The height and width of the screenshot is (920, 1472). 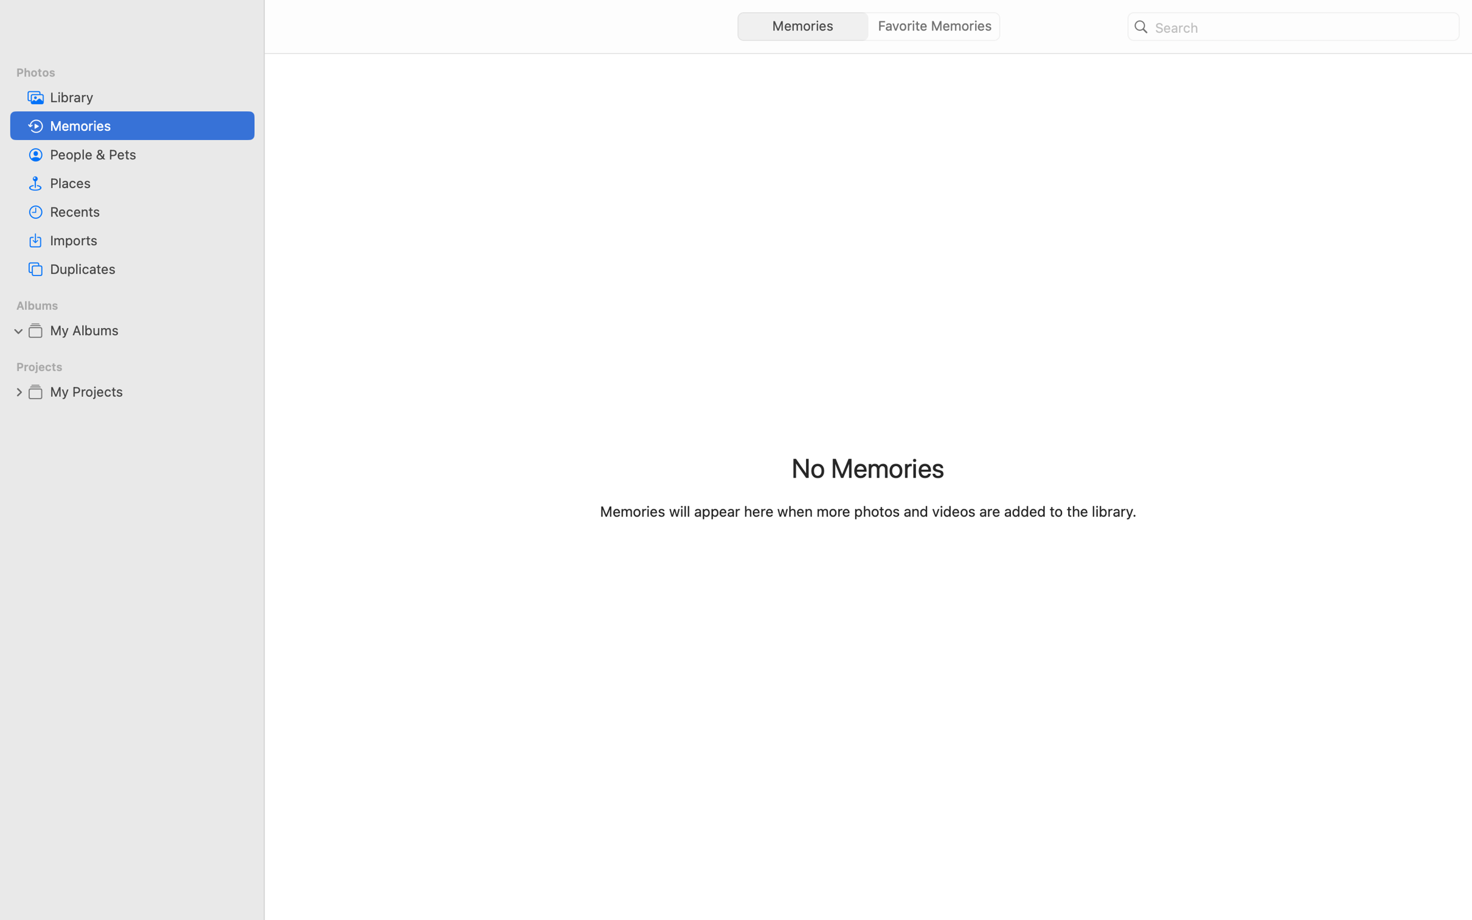 I want to click on 'No Memories', so click(x=868, y=467).